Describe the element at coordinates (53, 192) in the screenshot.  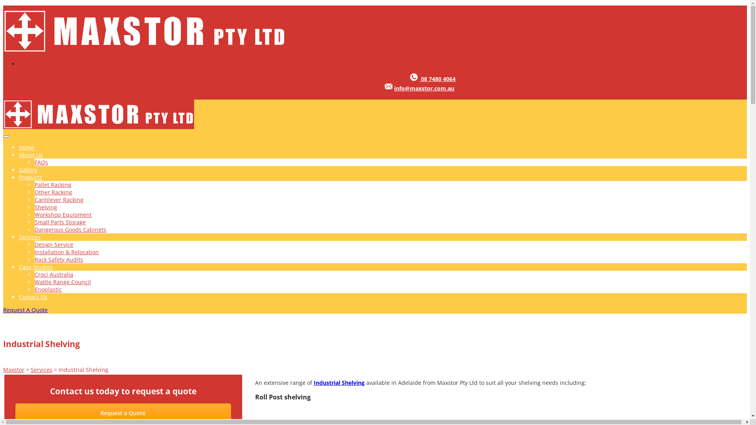
I see `'Other Racking'` at that location.